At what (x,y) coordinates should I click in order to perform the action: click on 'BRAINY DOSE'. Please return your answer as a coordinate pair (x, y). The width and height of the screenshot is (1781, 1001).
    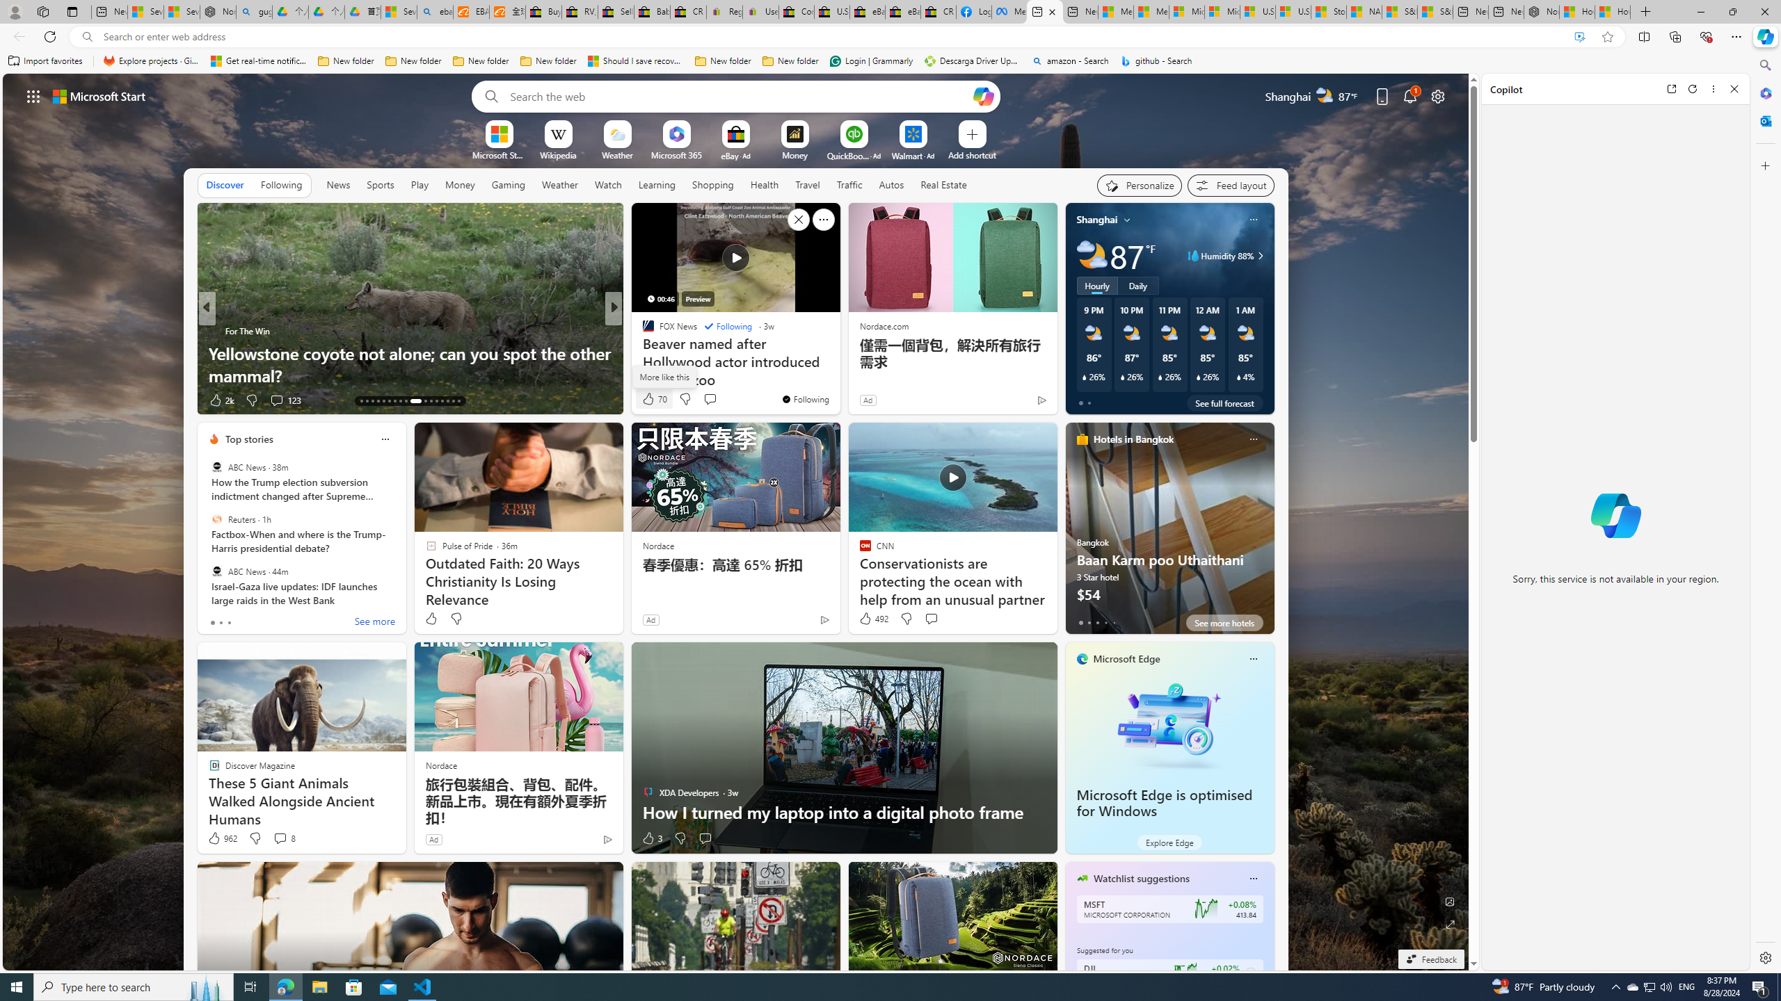
    Looking at the image, I should click on (641, 329).